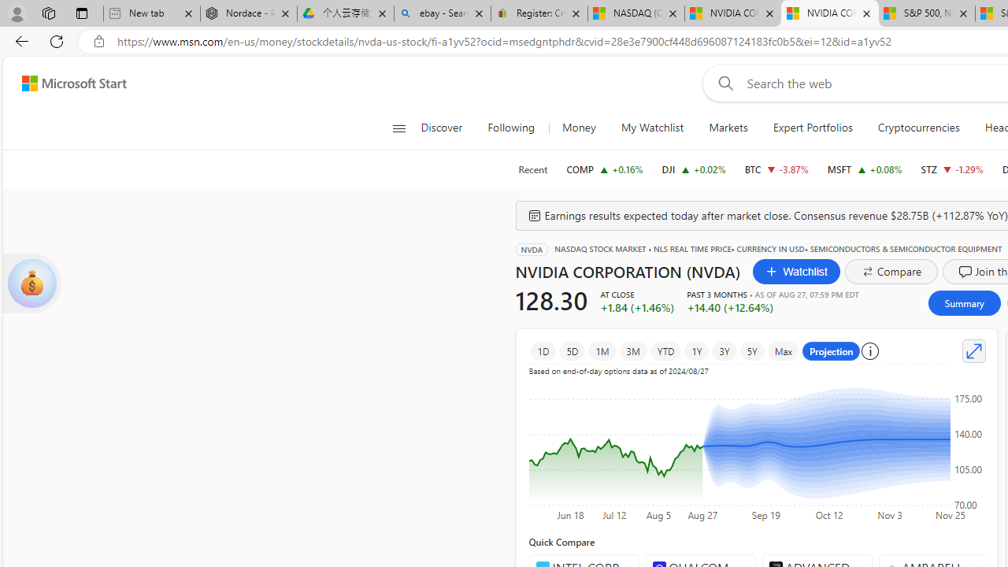 The height and width of the screenshot is (567, 1008). What do you see at coordinates (864, 169) in the screenshot?
I see `'MSFT MICROSOFT CORPORATION increase 413.84 +0.35 +0.08%'` at bounding box center [864, 169].